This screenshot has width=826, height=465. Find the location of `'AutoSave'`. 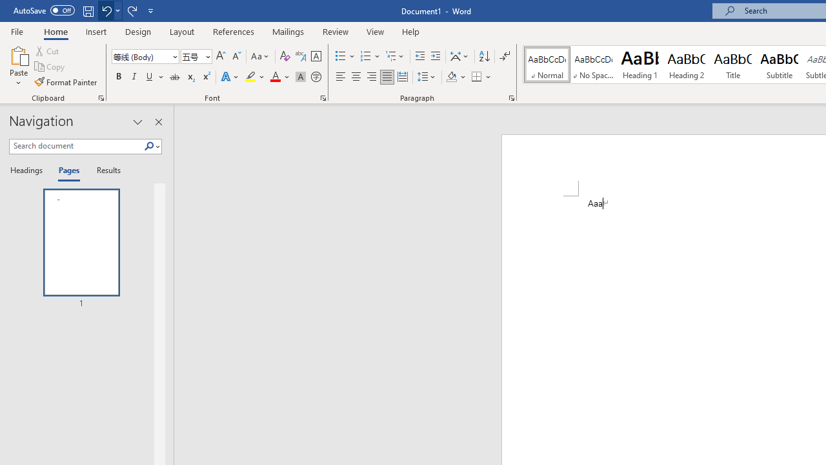

'AutoSave' is located at coordinates (44, 10).